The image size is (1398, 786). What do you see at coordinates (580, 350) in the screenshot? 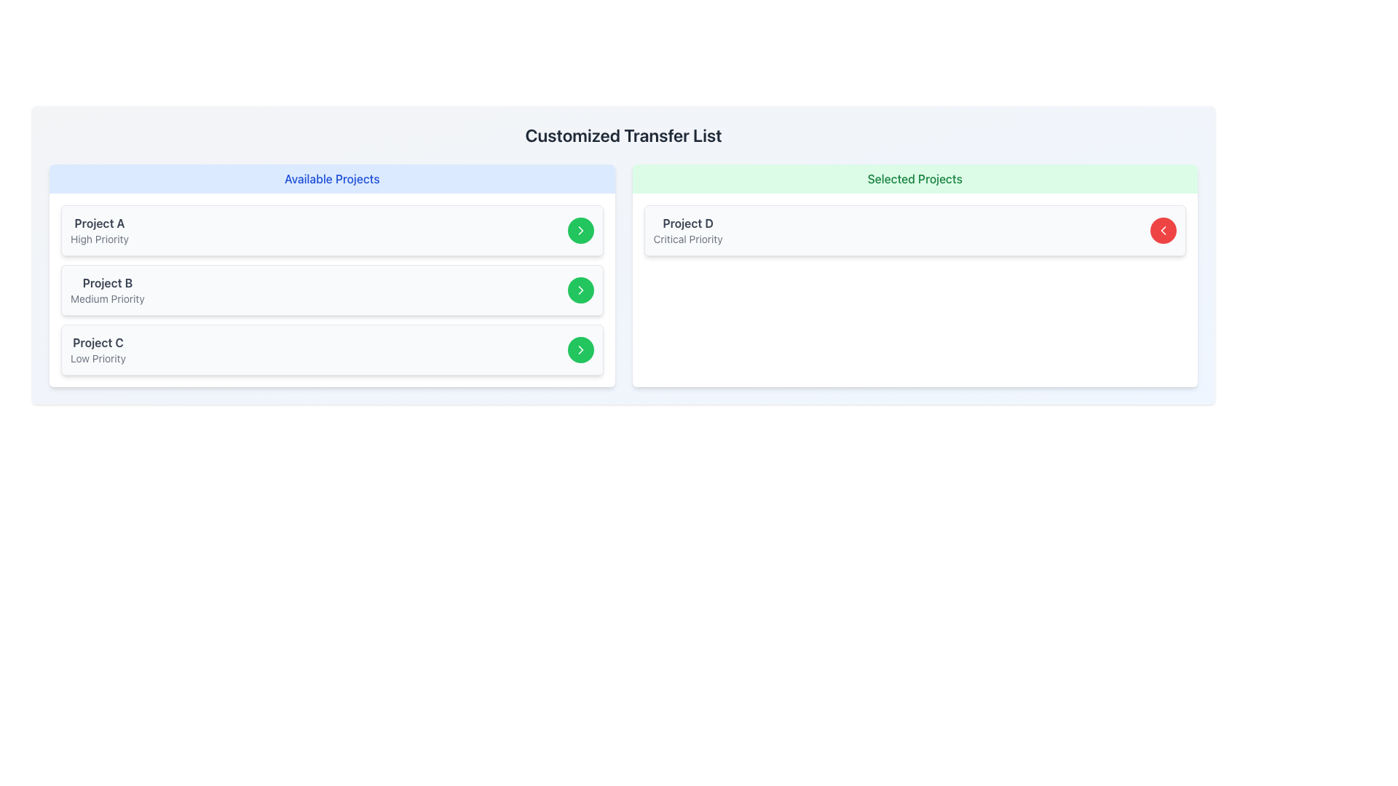
I see `the green right-facing chevron arrow button, which is the third button in the vertical sequence of chevron buttons located beside the 'Project C' entry in the 'Available Projects' section` at bounding box center [580, 350].